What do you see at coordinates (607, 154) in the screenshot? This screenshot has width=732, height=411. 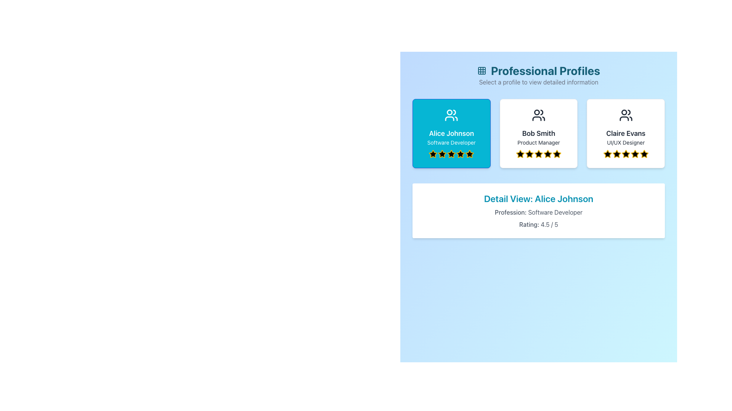 I see `the fifth rating star icon, which has a black center and a yellow border, to rate it` at bounding box center [607, 154].